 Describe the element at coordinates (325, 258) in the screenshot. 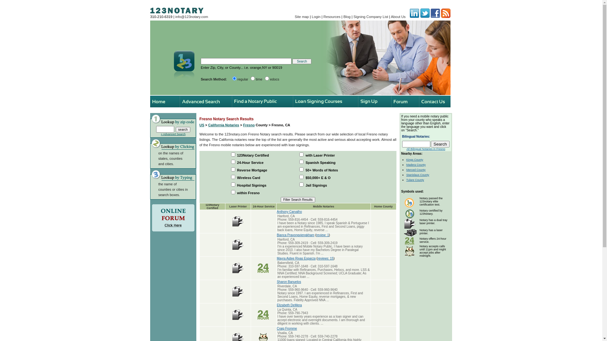

I see `'reviews: 15'` at that location.